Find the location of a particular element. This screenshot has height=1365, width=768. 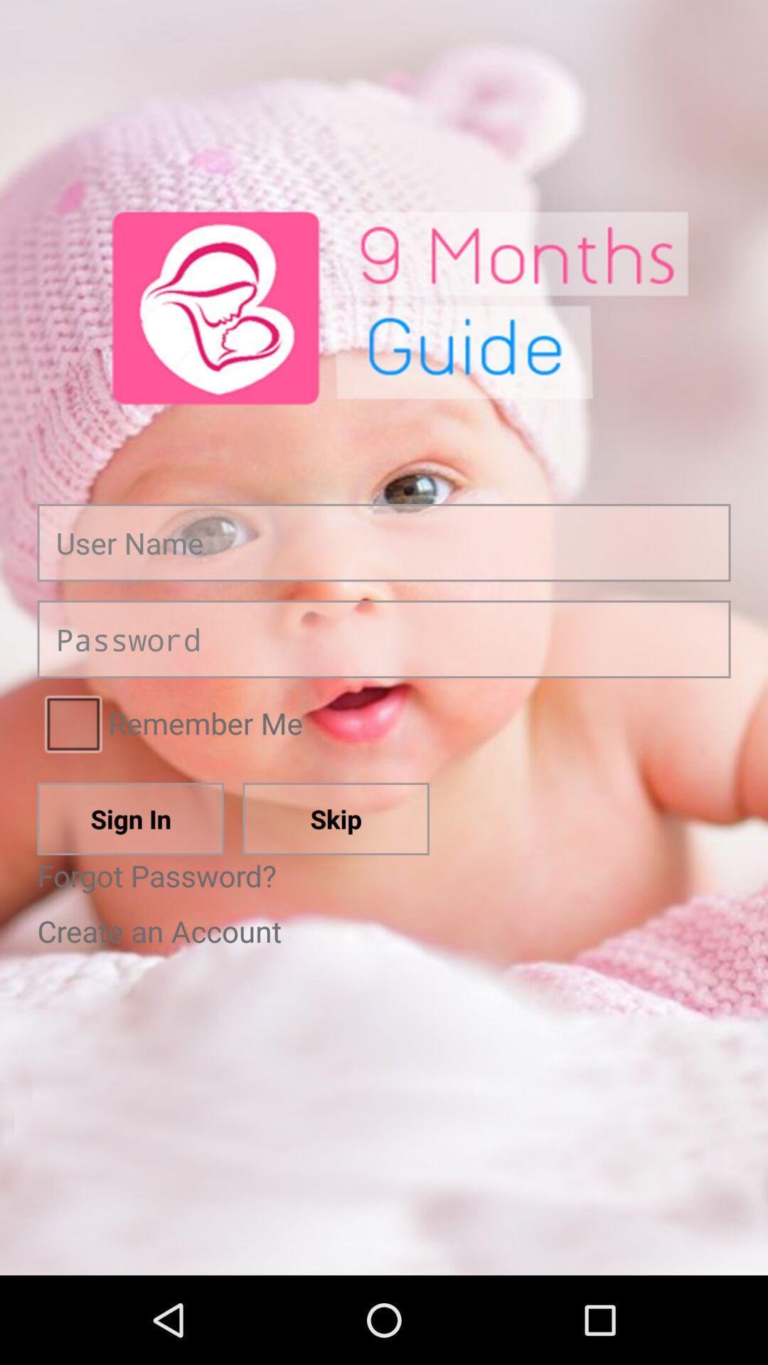

login page is located at coordinates (384, 638).